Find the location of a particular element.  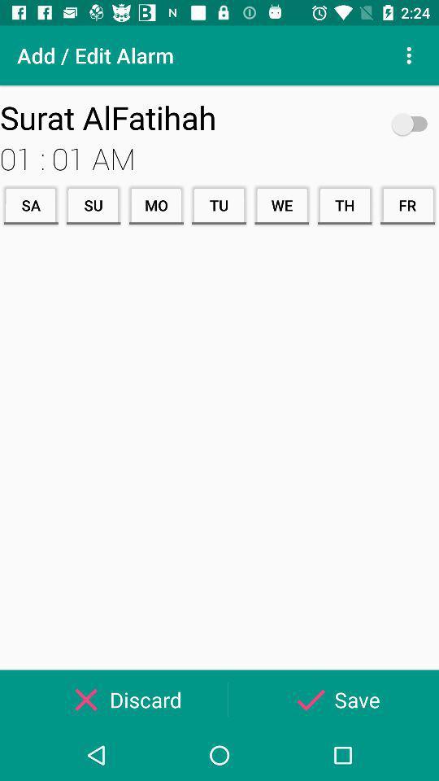

the th item is located at coordinates (344, 204).